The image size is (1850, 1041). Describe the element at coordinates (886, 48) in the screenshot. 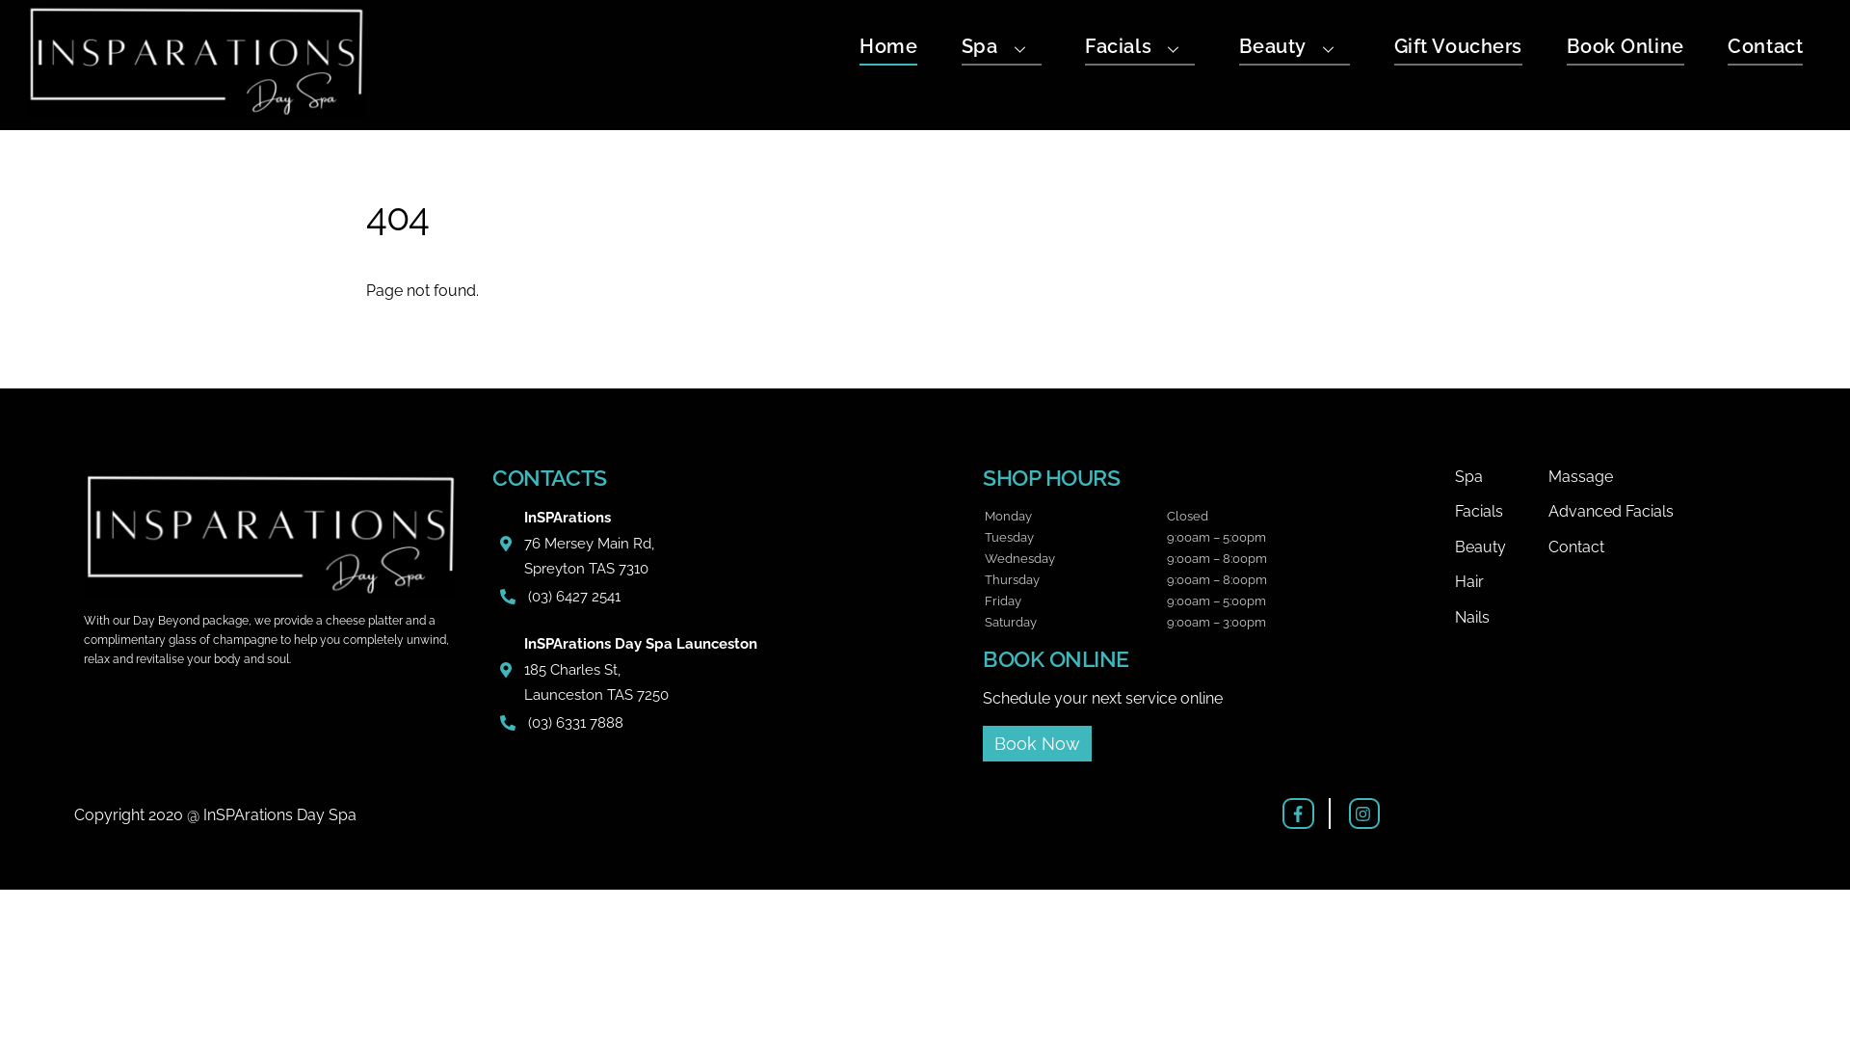

I see `'Home'` at that location.